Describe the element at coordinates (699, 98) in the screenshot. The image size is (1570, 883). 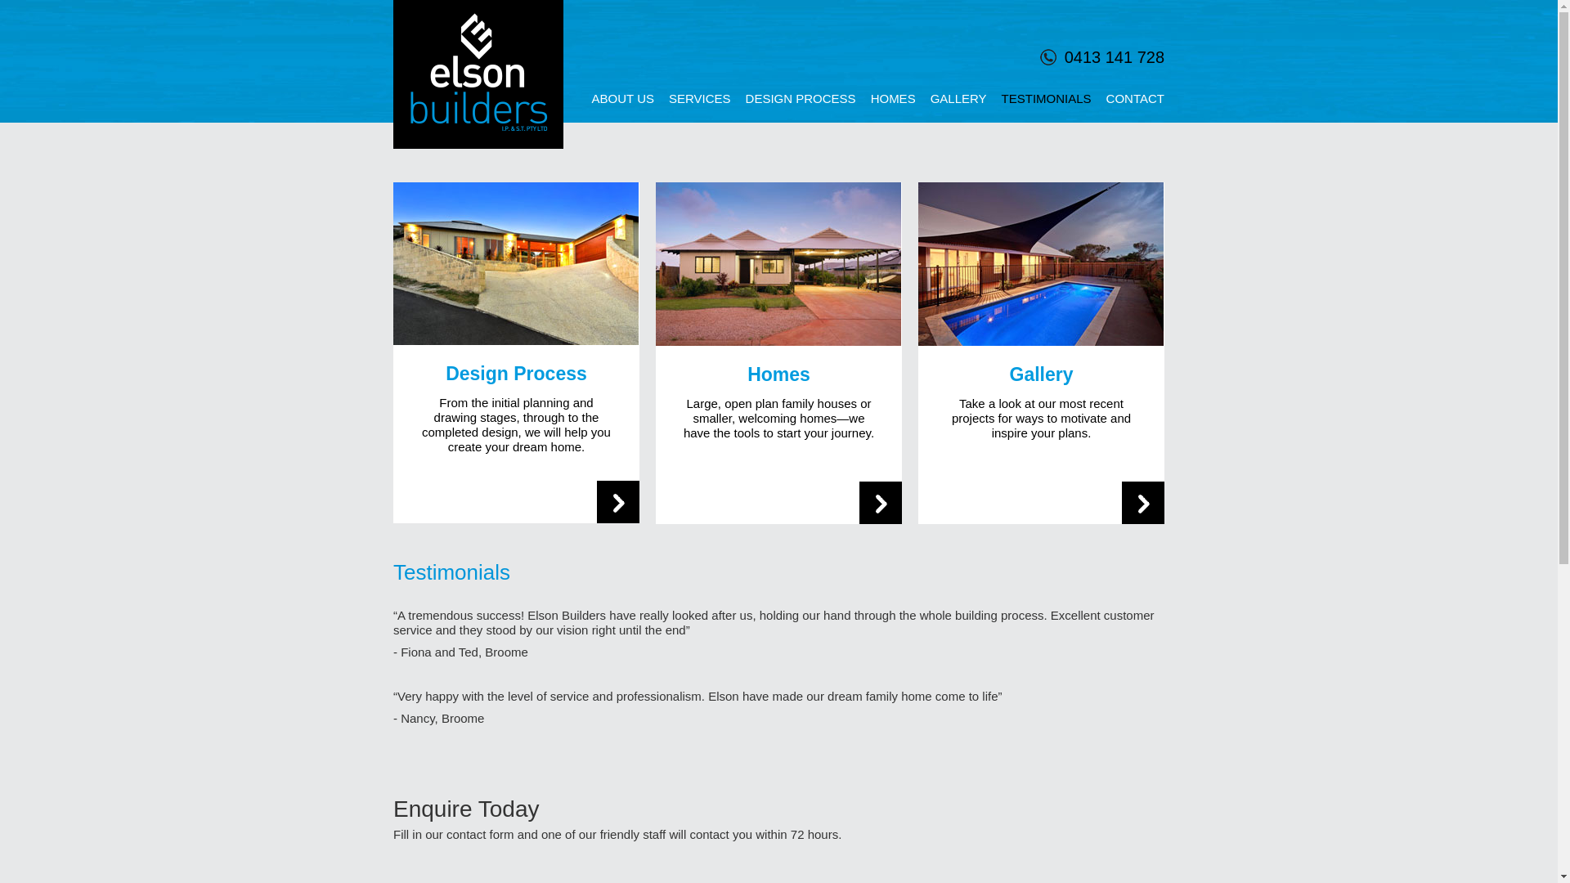
I see `'SERVICES'` at that location.